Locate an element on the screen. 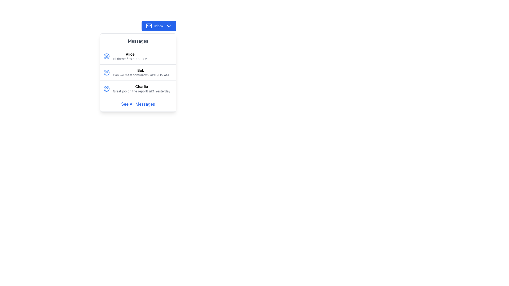  the Message Preview Item that displays 'Charlie' in bold font and a message snippet with a timestamp is located at coordinates (142, 88).